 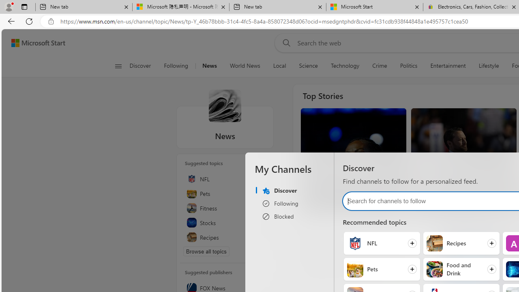 What do you see at coordinates (447, 66) in the screenshot?
I see `'Entertainment'` at bounding box center [447, 66].